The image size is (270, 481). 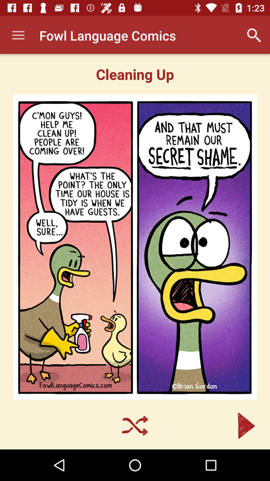 What do you see at coordinates (246, 425) in the screenshot?
I see `icon at the bottom right corner` at bounding box center [246, 425].